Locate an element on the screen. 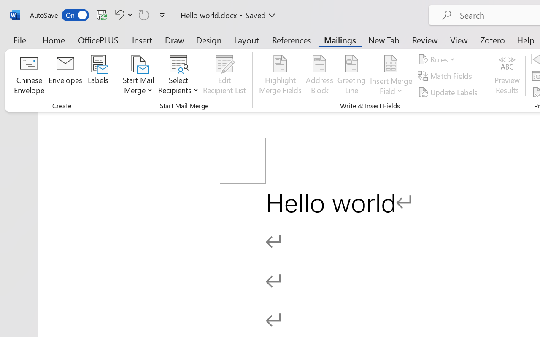 The width and height of the screenshot is (540, 337). 'Customize Quick Access Toolbar' is located at coordinates (162, 15).